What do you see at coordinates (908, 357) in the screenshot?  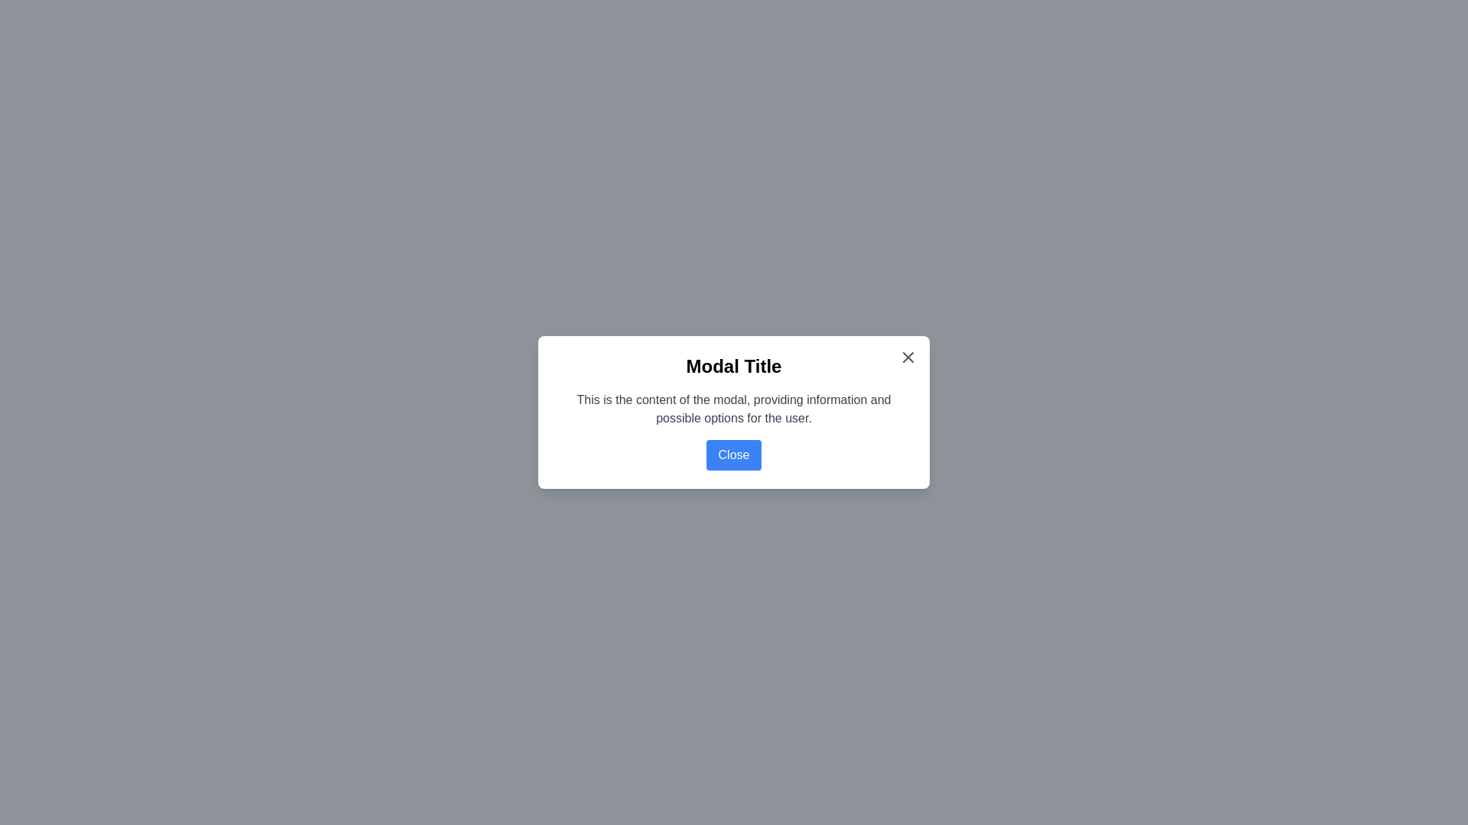 I see `keyboard navigation` at bounding box center [908, 357].